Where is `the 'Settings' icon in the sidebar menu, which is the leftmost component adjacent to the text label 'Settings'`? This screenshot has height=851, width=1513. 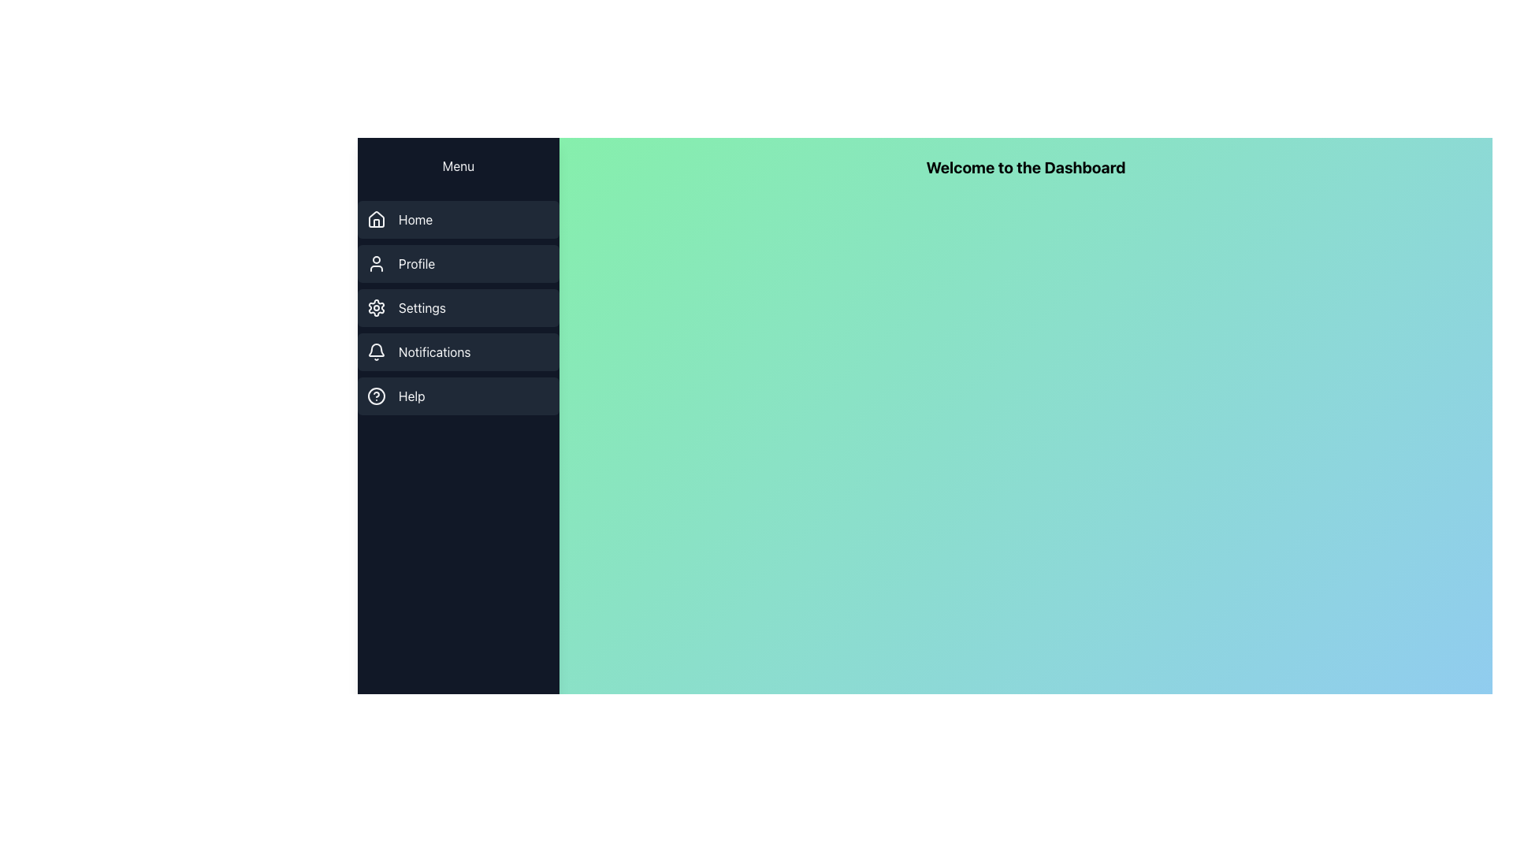
the 'Settings' icon in the sidebar menu, which is the leftmost component adjacent to the text label 'Settings' is located at coordinates (376, 307).